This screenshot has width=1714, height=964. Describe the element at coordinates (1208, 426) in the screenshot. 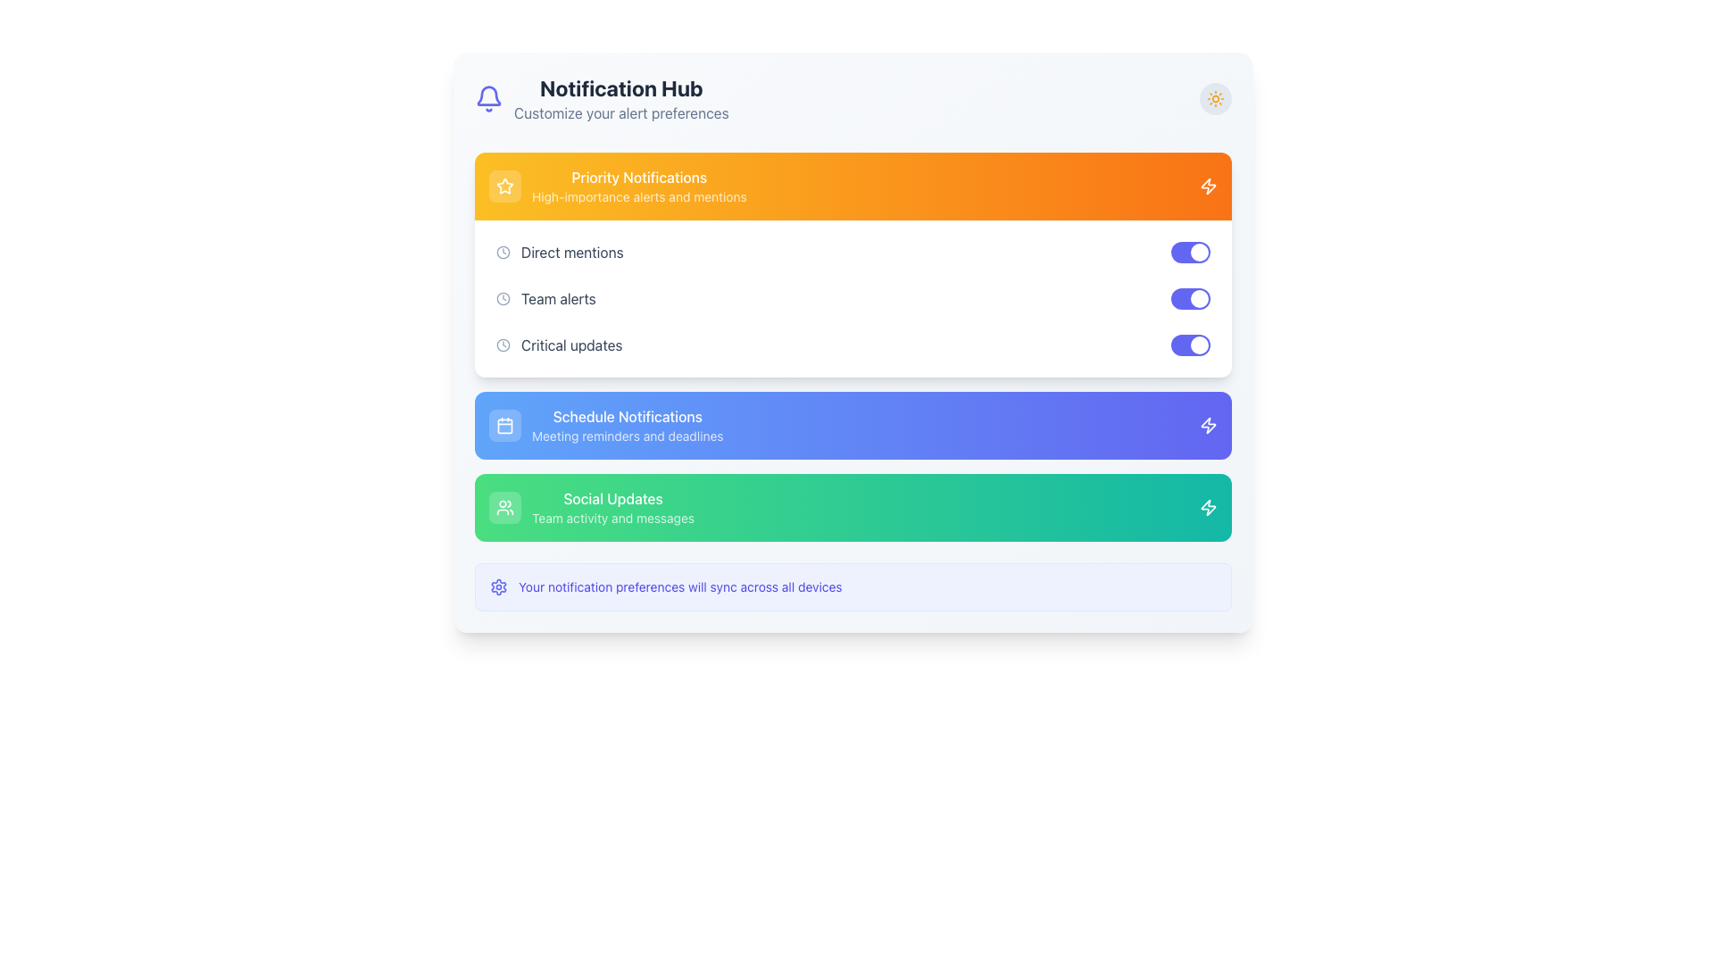

I see `the icon associated with 'Schedule Notifications'` at that location.